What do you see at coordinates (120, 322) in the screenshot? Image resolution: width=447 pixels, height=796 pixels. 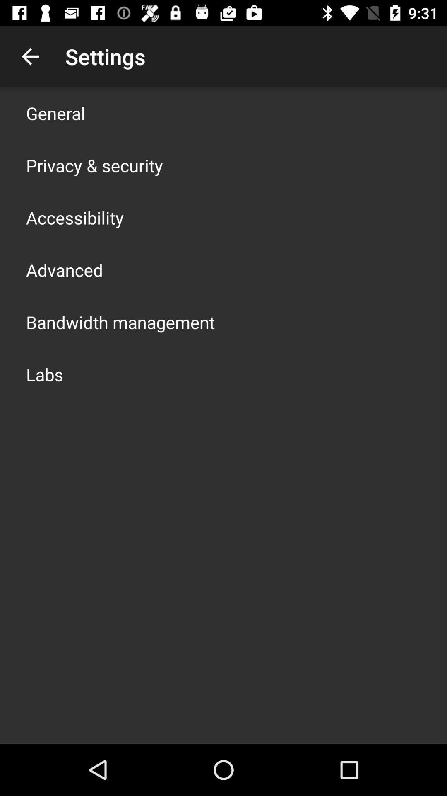 I see `the item above the labs icon` at bounding box center [120, 322].